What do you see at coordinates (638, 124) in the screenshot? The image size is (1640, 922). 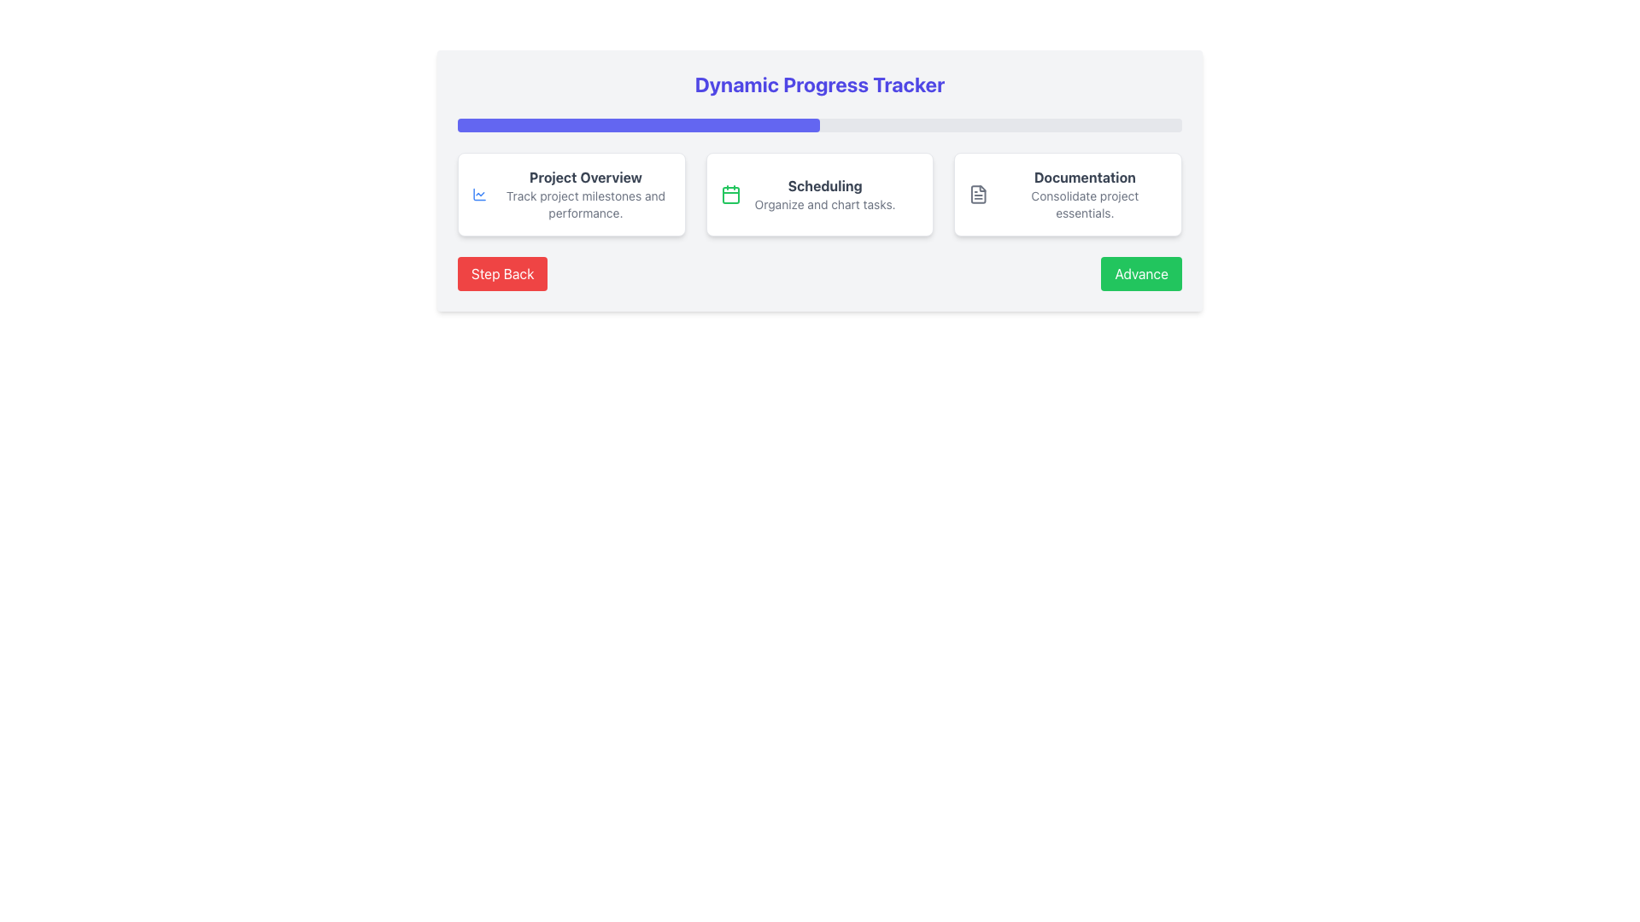 I see `the Progress Bar located below the title 'Dynamic Progress Tracker', which visually indicates a 50% completion` at bounding box center [638, 124].